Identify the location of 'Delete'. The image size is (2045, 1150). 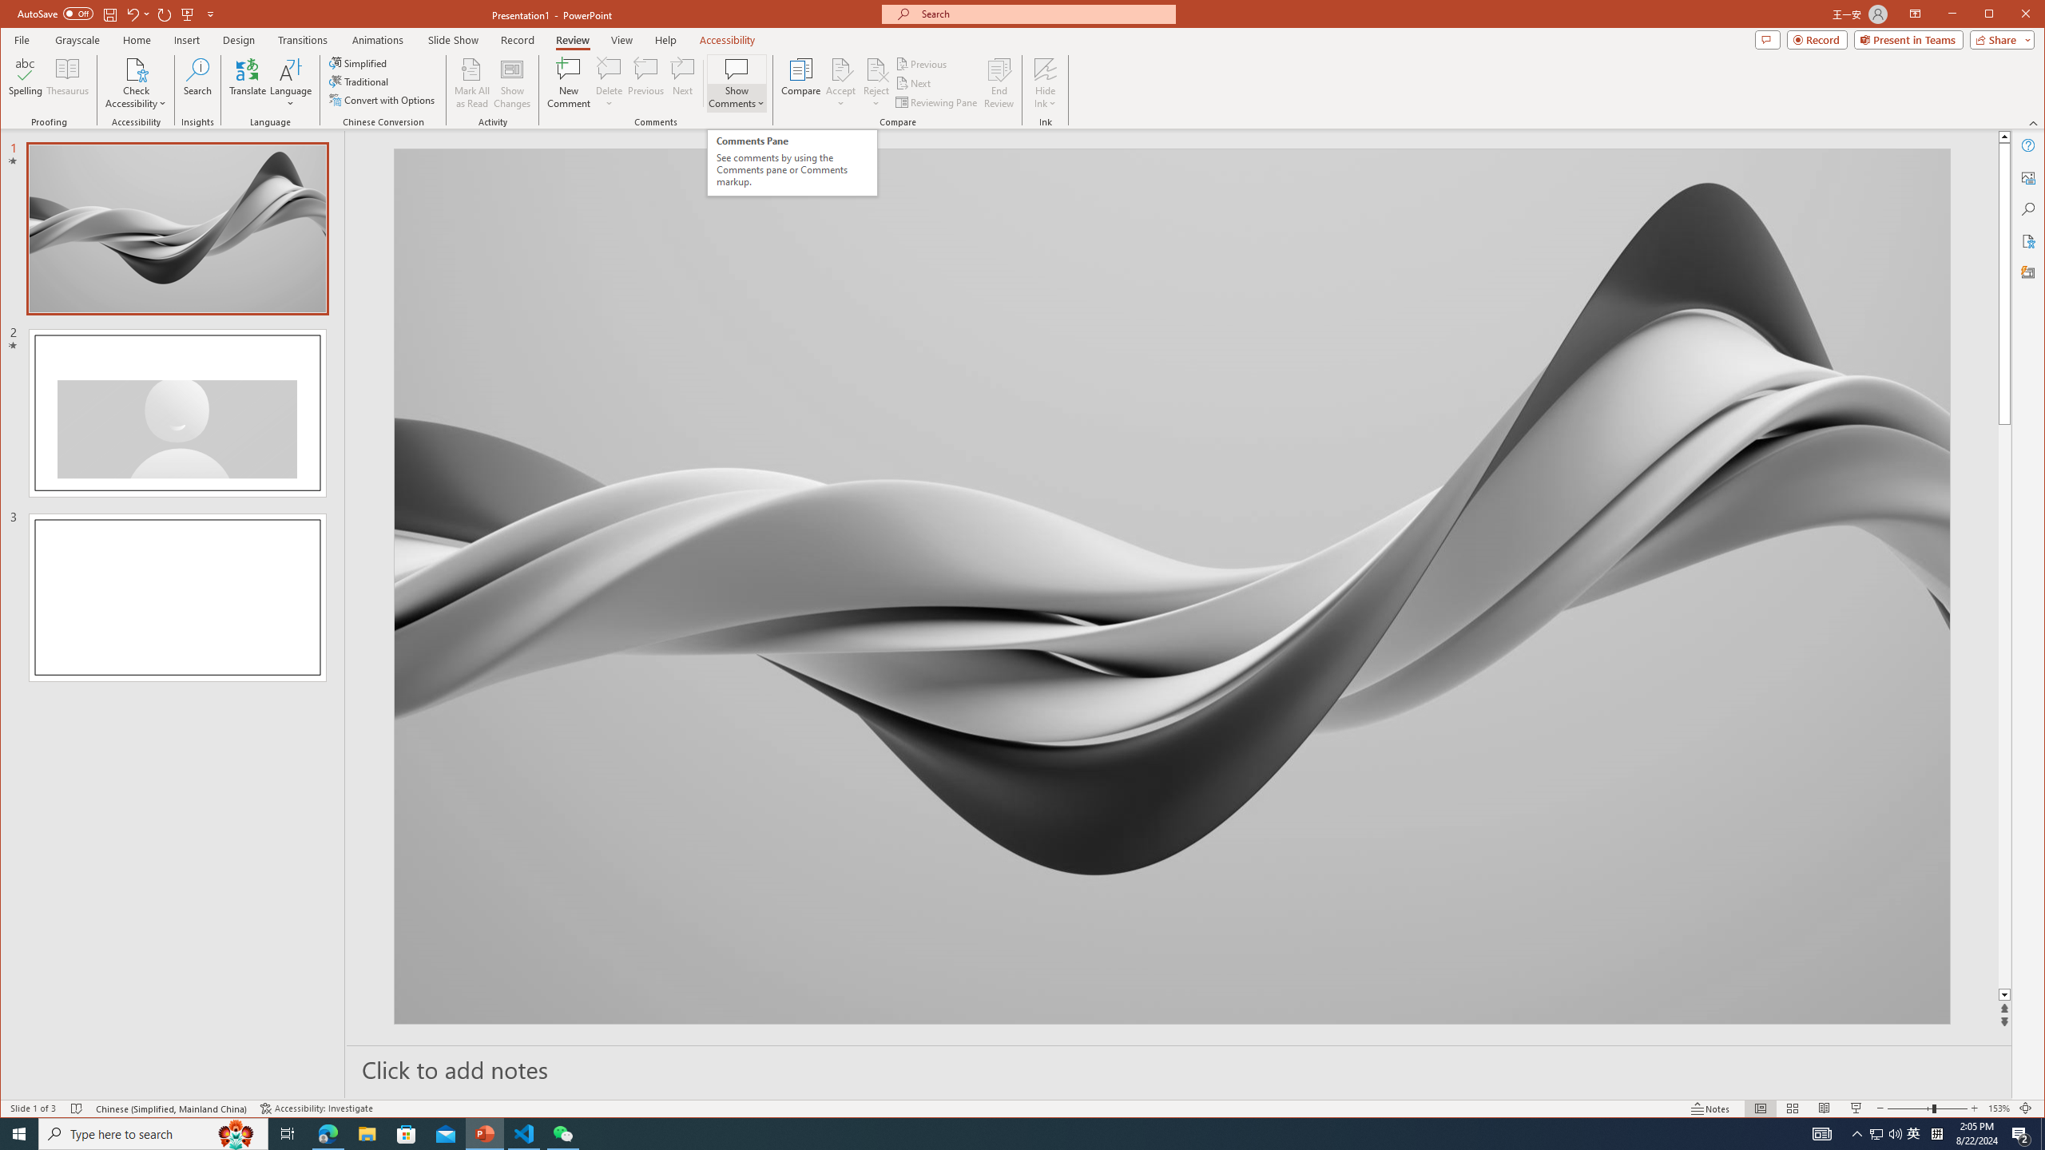
(609, 82).